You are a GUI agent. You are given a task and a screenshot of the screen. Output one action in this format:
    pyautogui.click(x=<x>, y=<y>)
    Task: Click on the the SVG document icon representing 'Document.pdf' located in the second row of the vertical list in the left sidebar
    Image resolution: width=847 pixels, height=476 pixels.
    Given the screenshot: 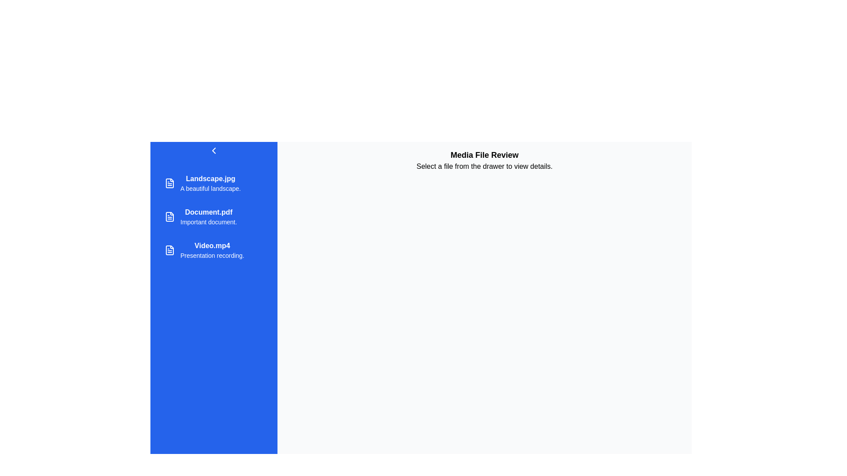 What is the action you would take?
    pyautogui.click(x=169, y=183)
    